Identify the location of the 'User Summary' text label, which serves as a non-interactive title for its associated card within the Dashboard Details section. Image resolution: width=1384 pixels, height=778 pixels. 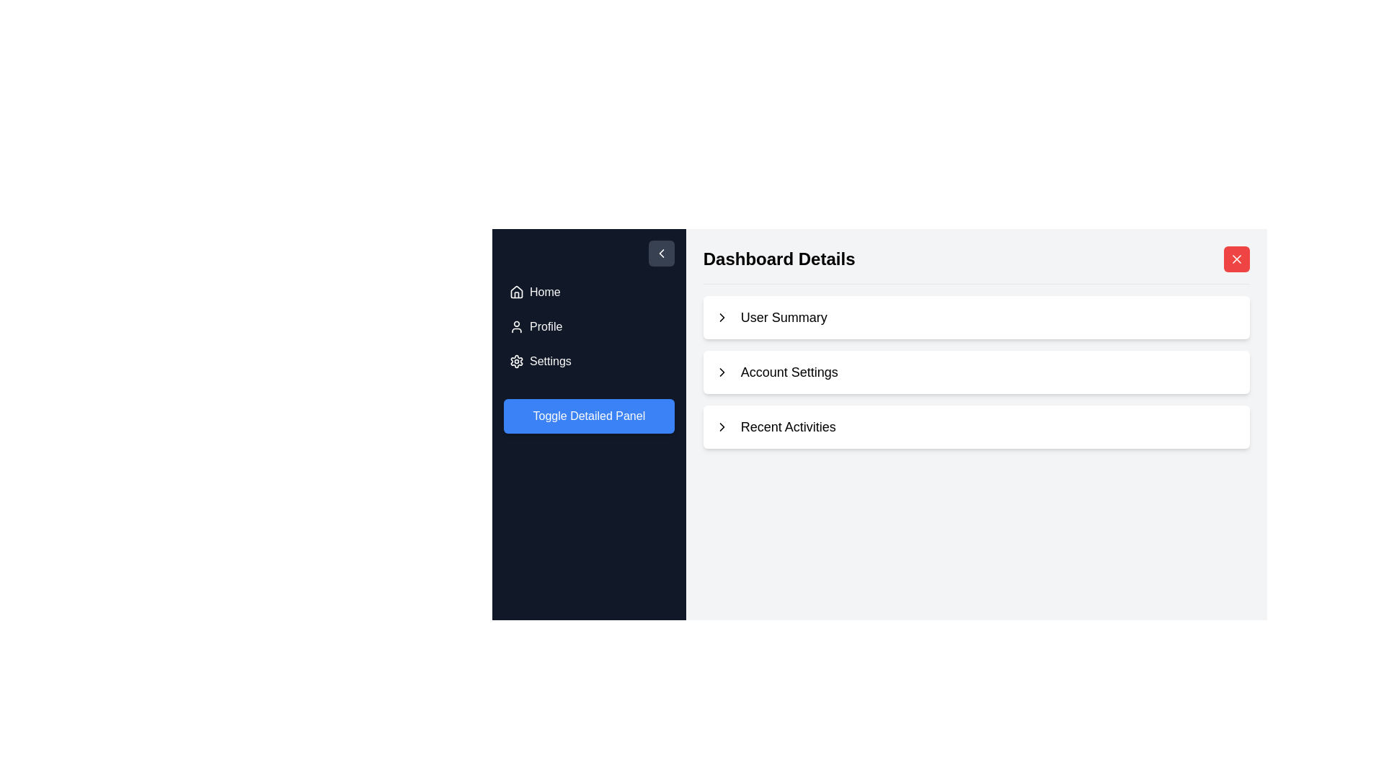
(783, 316).